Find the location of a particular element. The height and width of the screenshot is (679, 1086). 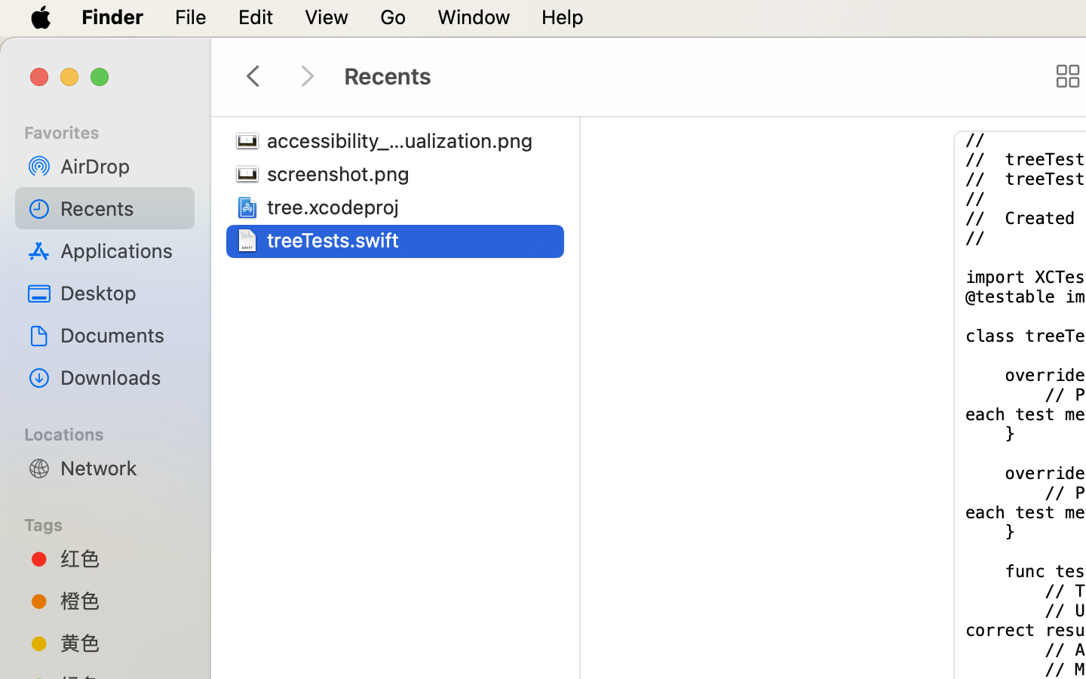

'Recents' is located at coordinates (120, 207).